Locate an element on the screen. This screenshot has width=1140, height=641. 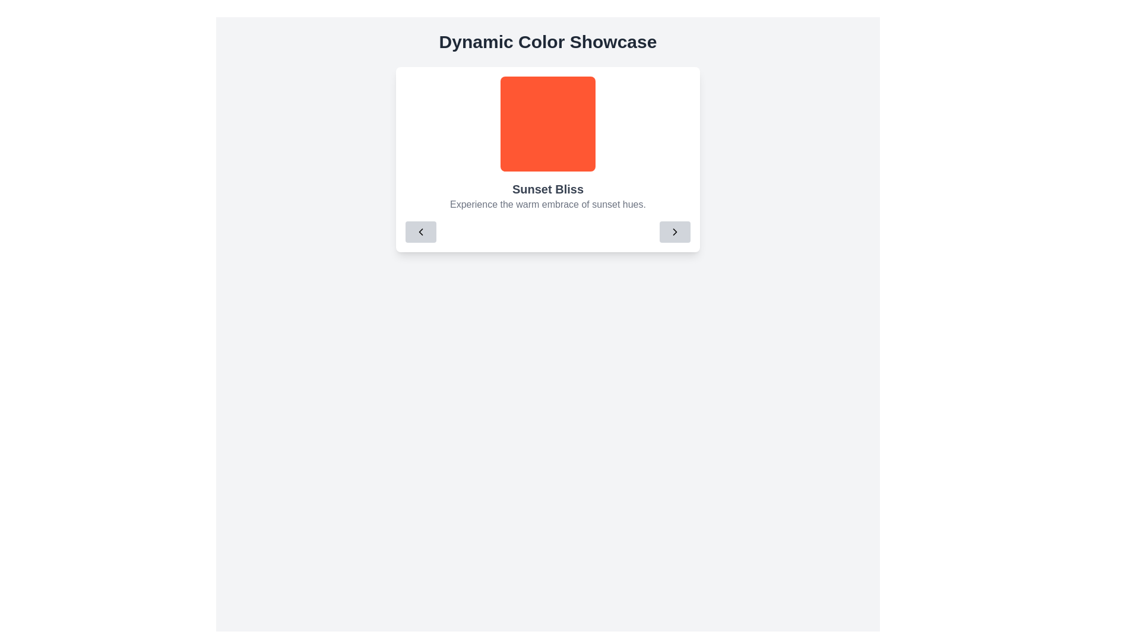
the static text element that provides supplemental detail to the title 'Sunset Bliss', positioned directly below the bold title and centered within the card layout is located at coordinates (547, 204).